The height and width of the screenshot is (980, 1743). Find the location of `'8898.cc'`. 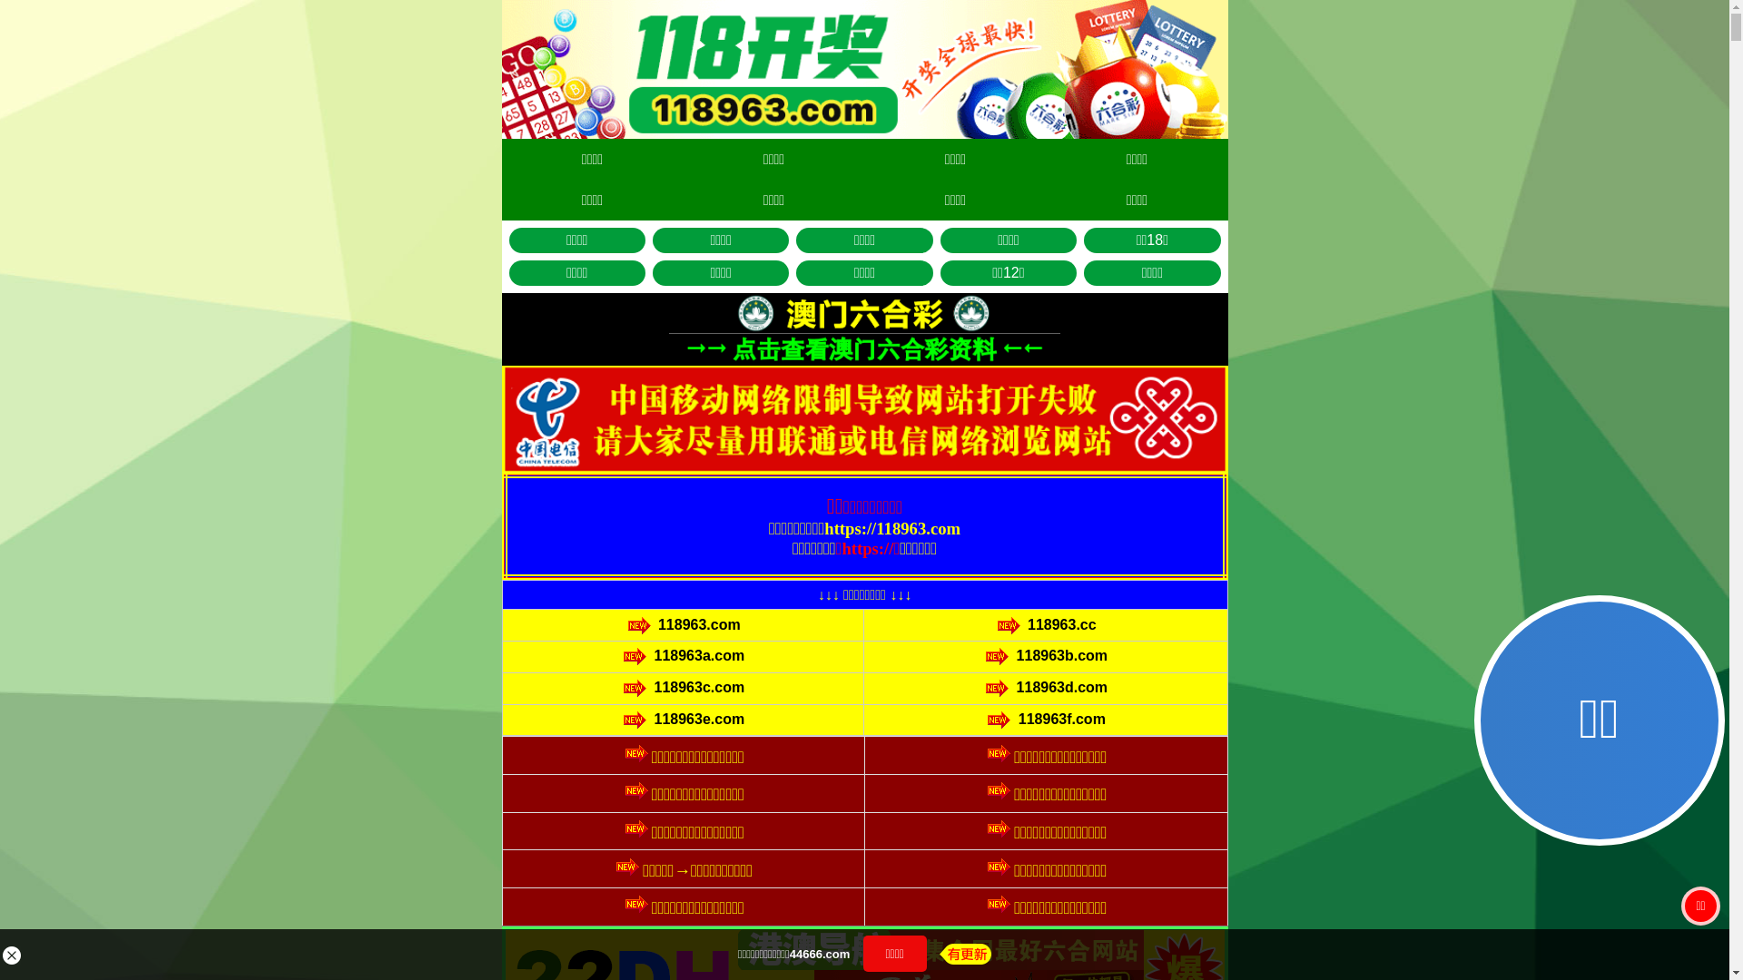

'8898.cc' is located at coordinates (788, 533).